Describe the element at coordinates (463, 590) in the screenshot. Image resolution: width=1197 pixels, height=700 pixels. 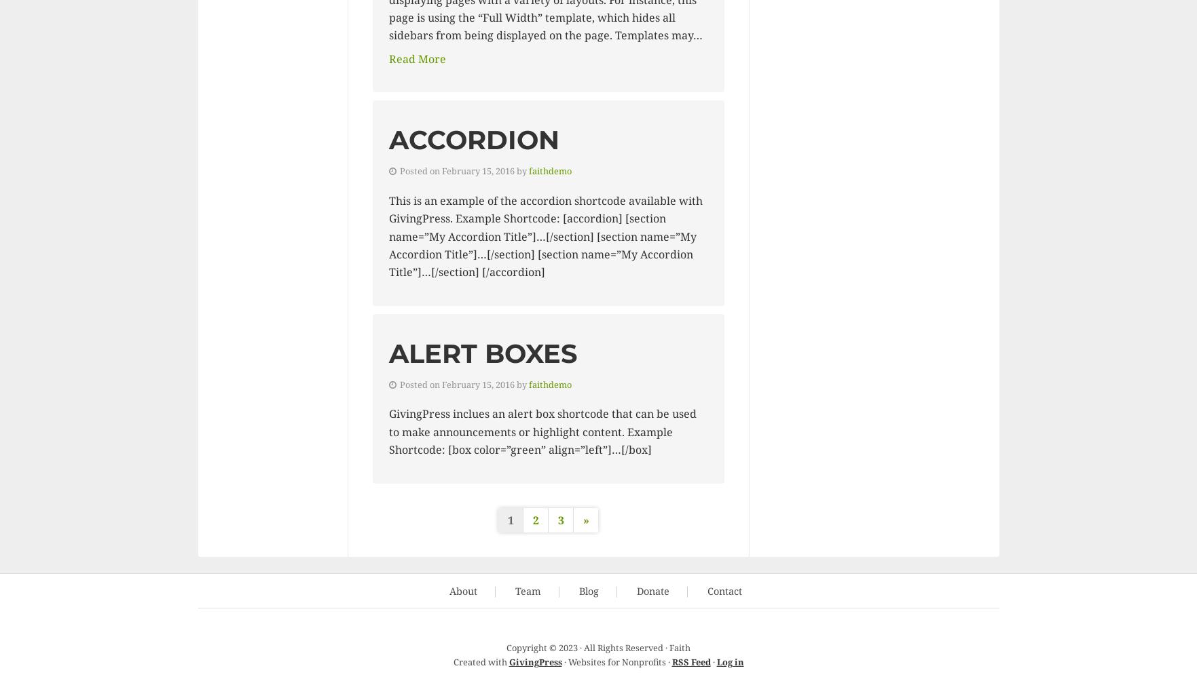
I see `'About'` at that location.